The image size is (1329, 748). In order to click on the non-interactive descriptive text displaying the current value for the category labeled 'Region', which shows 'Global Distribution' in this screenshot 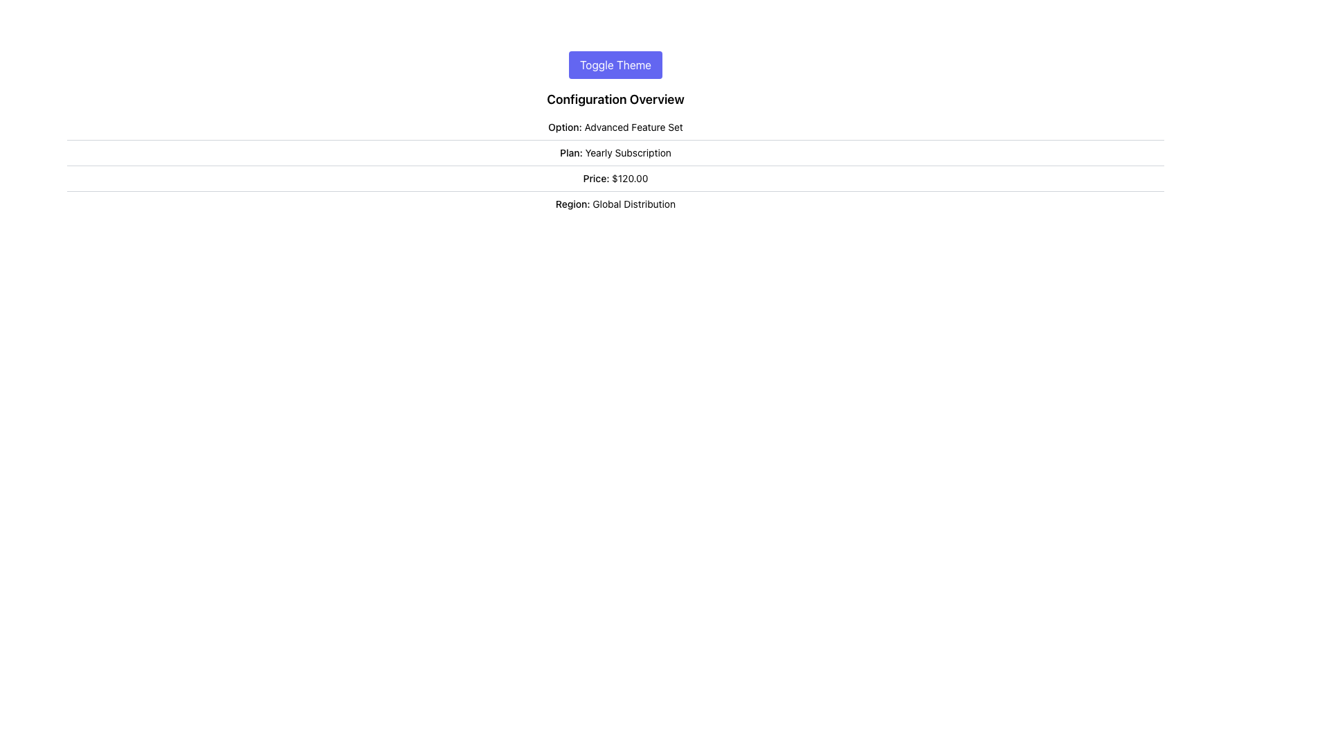, I will do `click(633, 204)`.